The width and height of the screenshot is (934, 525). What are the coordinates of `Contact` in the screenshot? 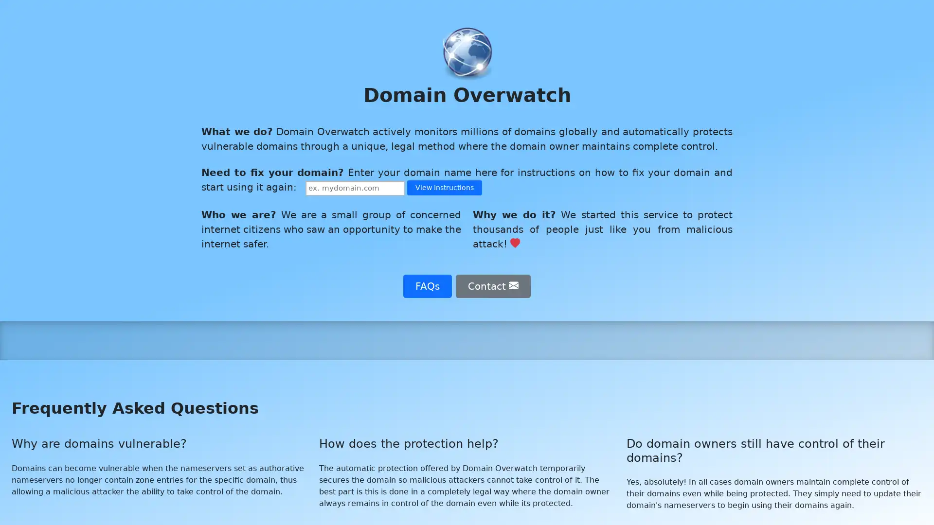 It's located at (493, 285).